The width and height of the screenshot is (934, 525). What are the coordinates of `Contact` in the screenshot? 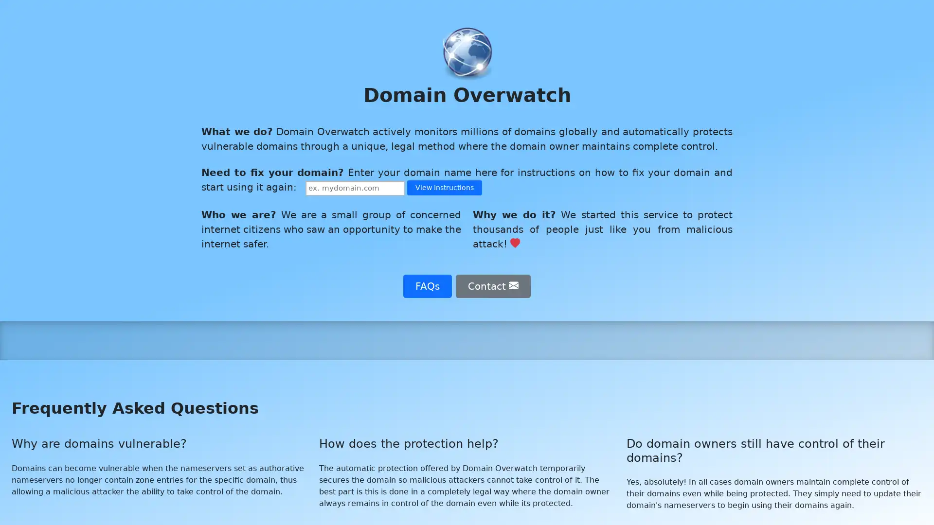 It's located at (493, 285).